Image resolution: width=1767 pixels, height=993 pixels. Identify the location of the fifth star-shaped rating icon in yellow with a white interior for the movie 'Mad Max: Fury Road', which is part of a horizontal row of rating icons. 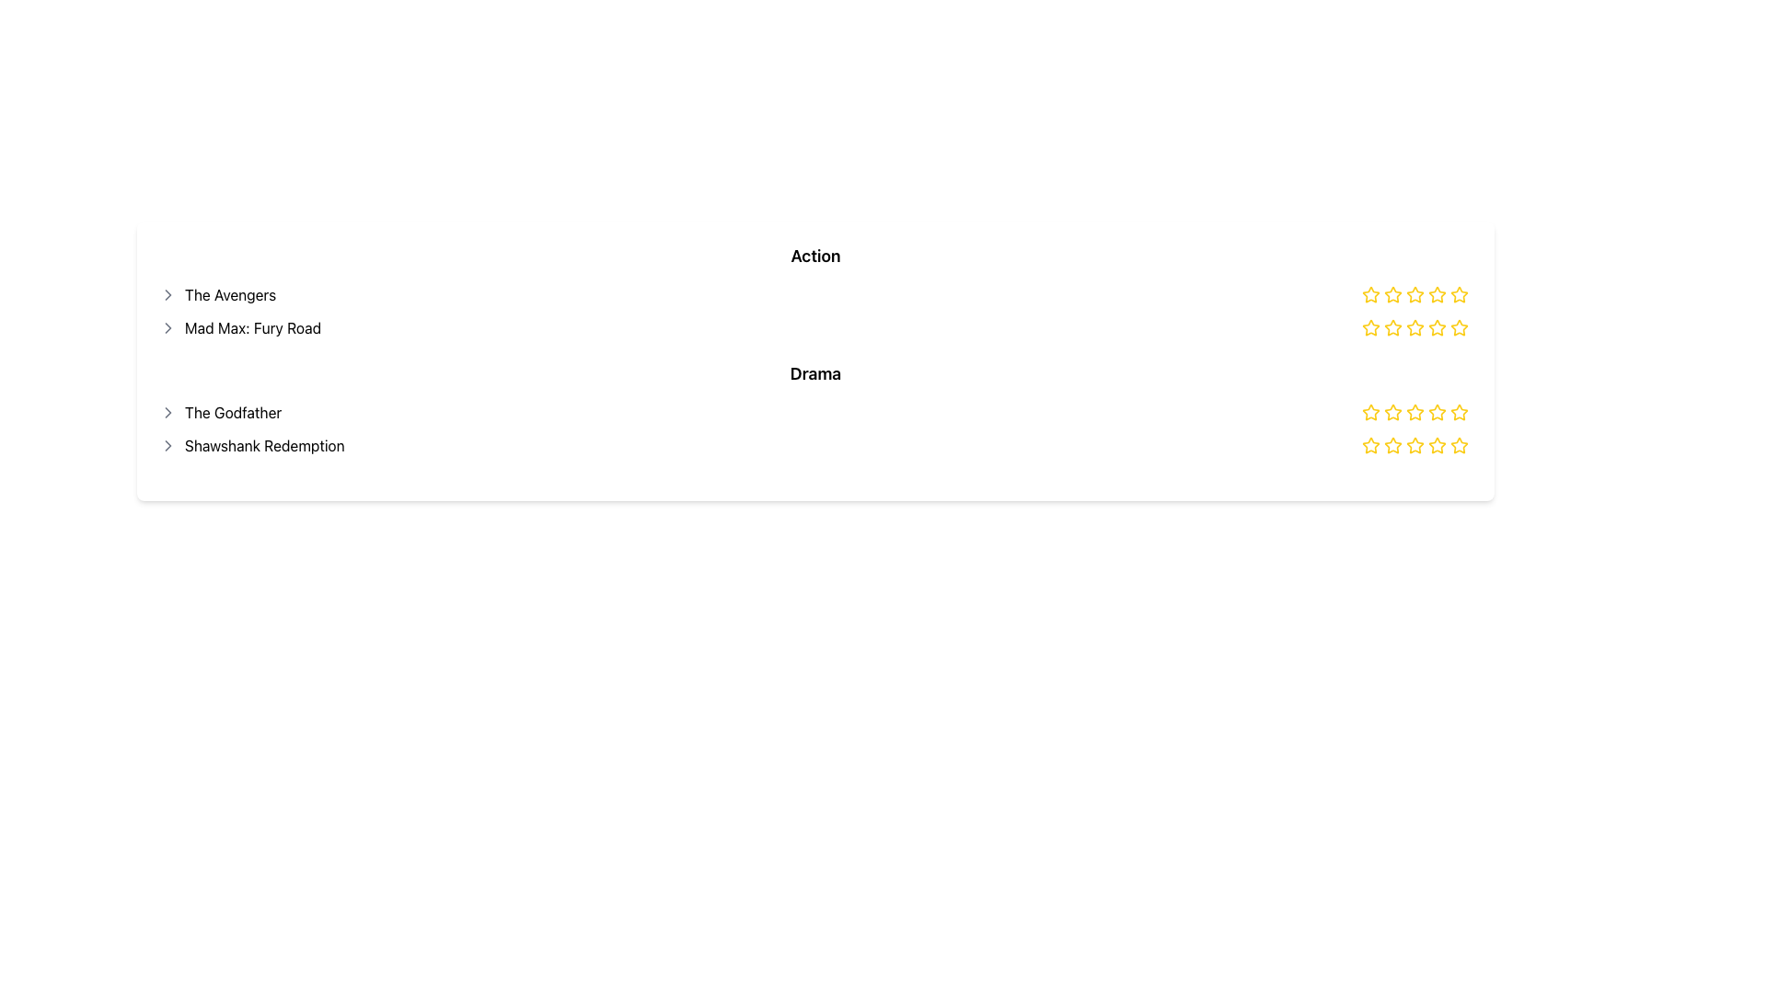
(1458, 326).